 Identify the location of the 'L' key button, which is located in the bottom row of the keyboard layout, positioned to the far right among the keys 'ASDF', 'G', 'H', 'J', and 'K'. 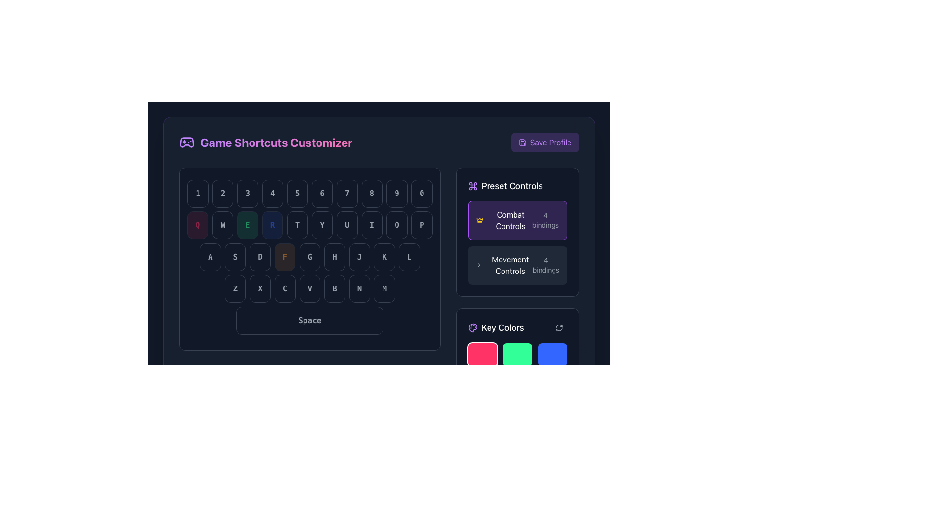
(409, 256).